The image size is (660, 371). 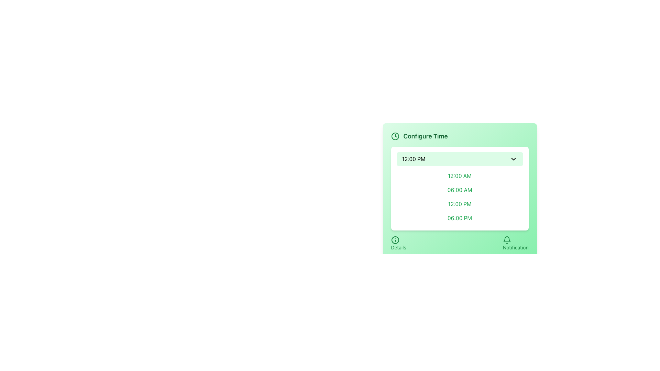 I want to click on the dropdown menu displaying '12:00 PM', so click(x=460, y=184).